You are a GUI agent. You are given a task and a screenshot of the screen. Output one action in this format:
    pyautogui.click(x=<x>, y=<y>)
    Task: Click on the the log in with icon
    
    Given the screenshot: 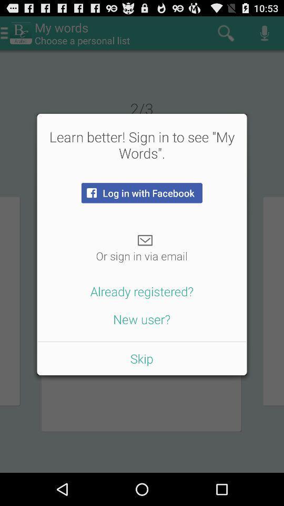 What is the action you would take?
    pyautogui.click(x=141, y=192)
    